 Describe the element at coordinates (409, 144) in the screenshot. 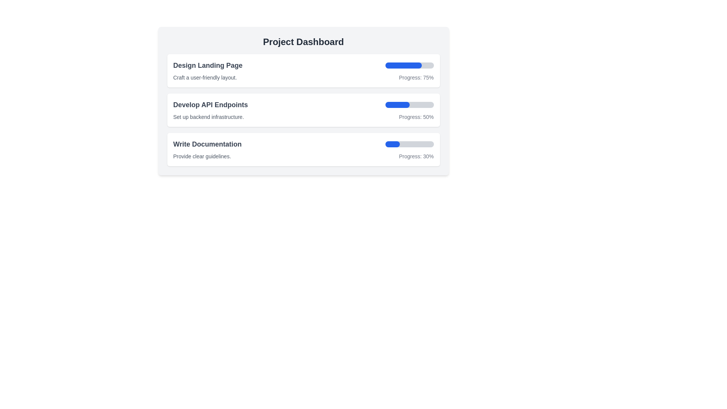

I see `the progress bar that visually represents the percentage of task completion for 'Write Documentation' located to the right of the 'Write Documentation' text and above the 'Progress: 30%' label` at that location.